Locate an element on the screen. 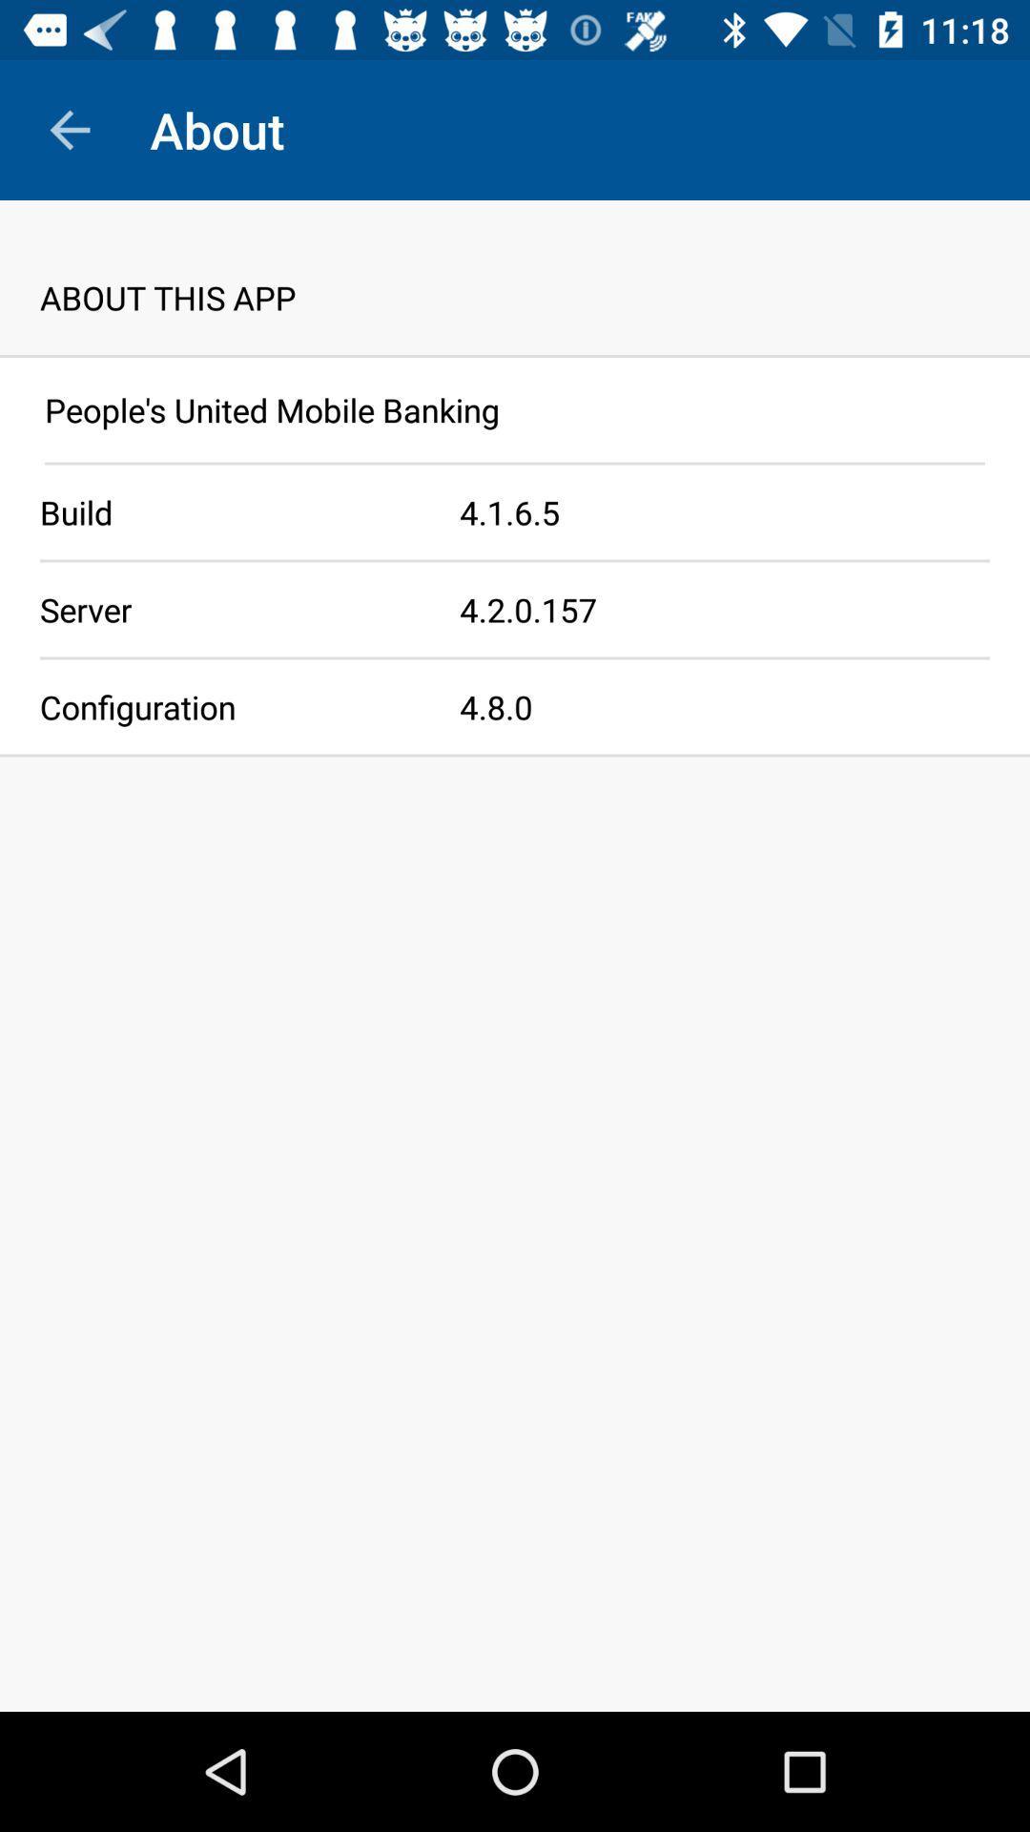 The image size is (1030, 1832). people s united is located at coordinates (515, 408).